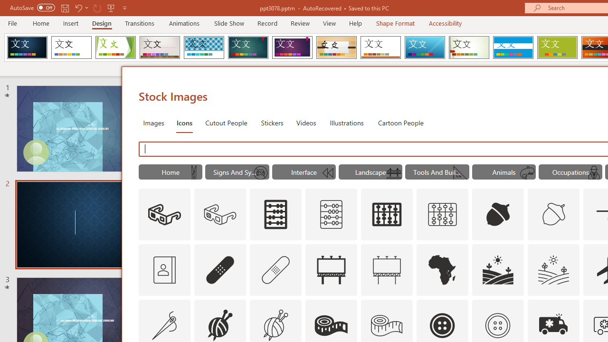  Describe the element at coordinates (304, 172) in the screenshot. I see `'"Interface" Icons.'` at that location.